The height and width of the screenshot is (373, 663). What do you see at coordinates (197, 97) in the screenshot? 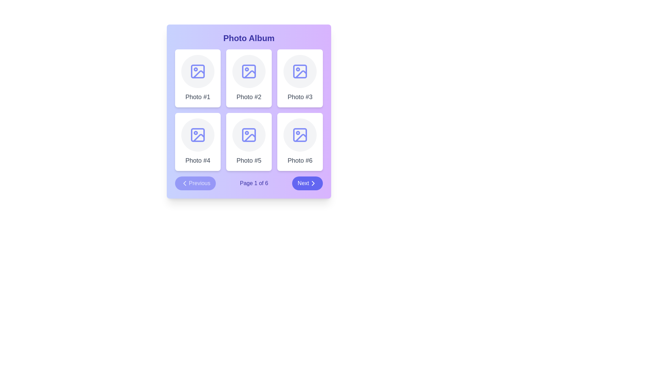
I see `text label that serves as a title for the photo item located in the first cell of a 2x3 grid layout, positioned beneath a circular placeholder image` at bounding box center [197, 97].